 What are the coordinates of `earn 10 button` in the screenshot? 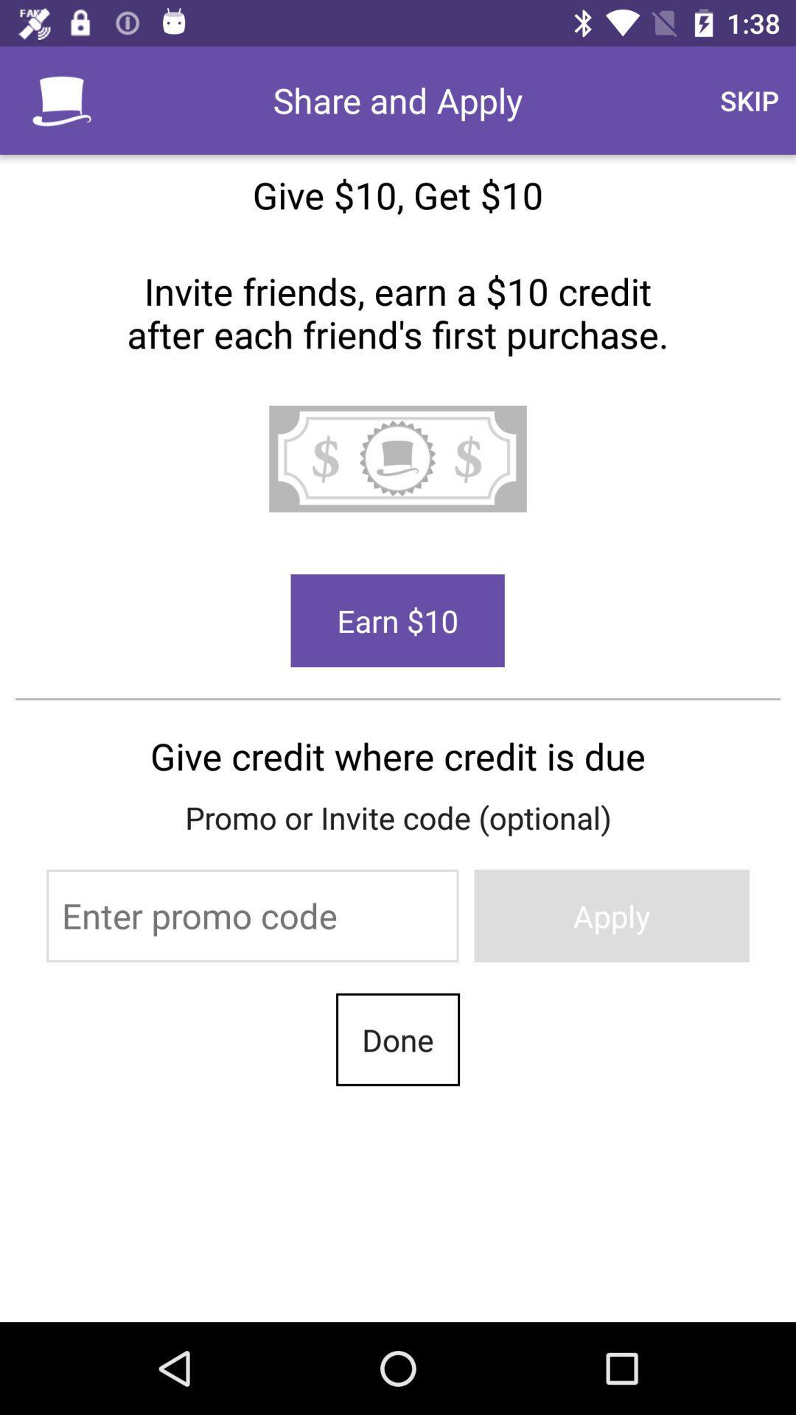 It's located at (398, 620).